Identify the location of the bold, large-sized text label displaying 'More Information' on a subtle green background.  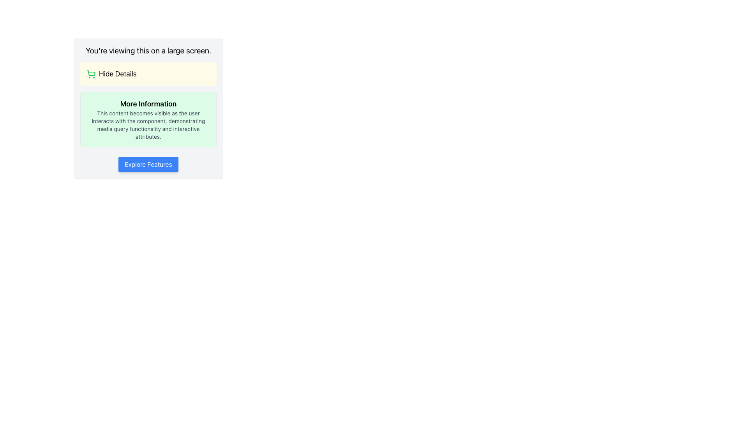
(148, 103).